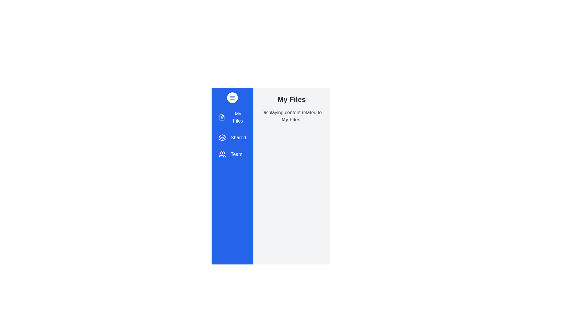  What do you see at coordinates (232, 97) in the screenshot?
I see `toggle button to change the drawer's open/close state` at bounding box center [232, 97].